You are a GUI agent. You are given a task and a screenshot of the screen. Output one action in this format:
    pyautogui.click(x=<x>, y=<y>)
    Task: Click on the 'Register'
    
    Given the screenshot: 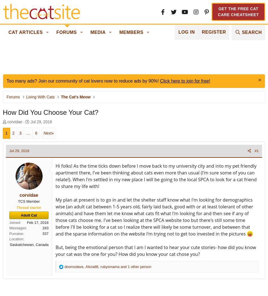 What is the action you would take?
    pyautogui.click(x=214, y=32)
    